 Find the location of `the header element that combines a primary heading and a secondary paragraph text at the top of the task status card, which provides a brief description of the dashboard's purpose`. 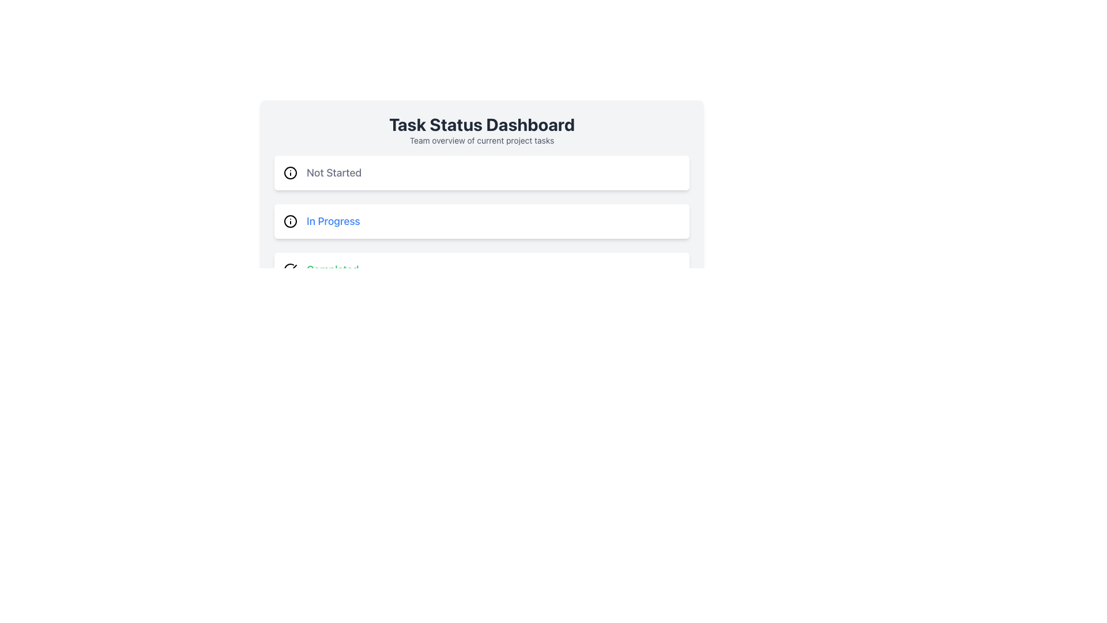

the header element that combines a primary heading and a secondary paragraph text at the top of the task status card, which provides a brief description of the dashboard's purpose is located at coordinates (481, 130).